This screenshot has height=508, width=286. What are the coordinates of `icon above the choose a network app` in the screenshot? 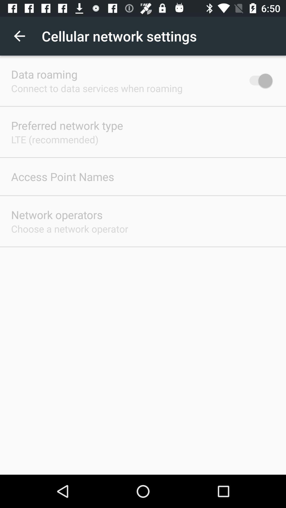 It's located at (57, 215).